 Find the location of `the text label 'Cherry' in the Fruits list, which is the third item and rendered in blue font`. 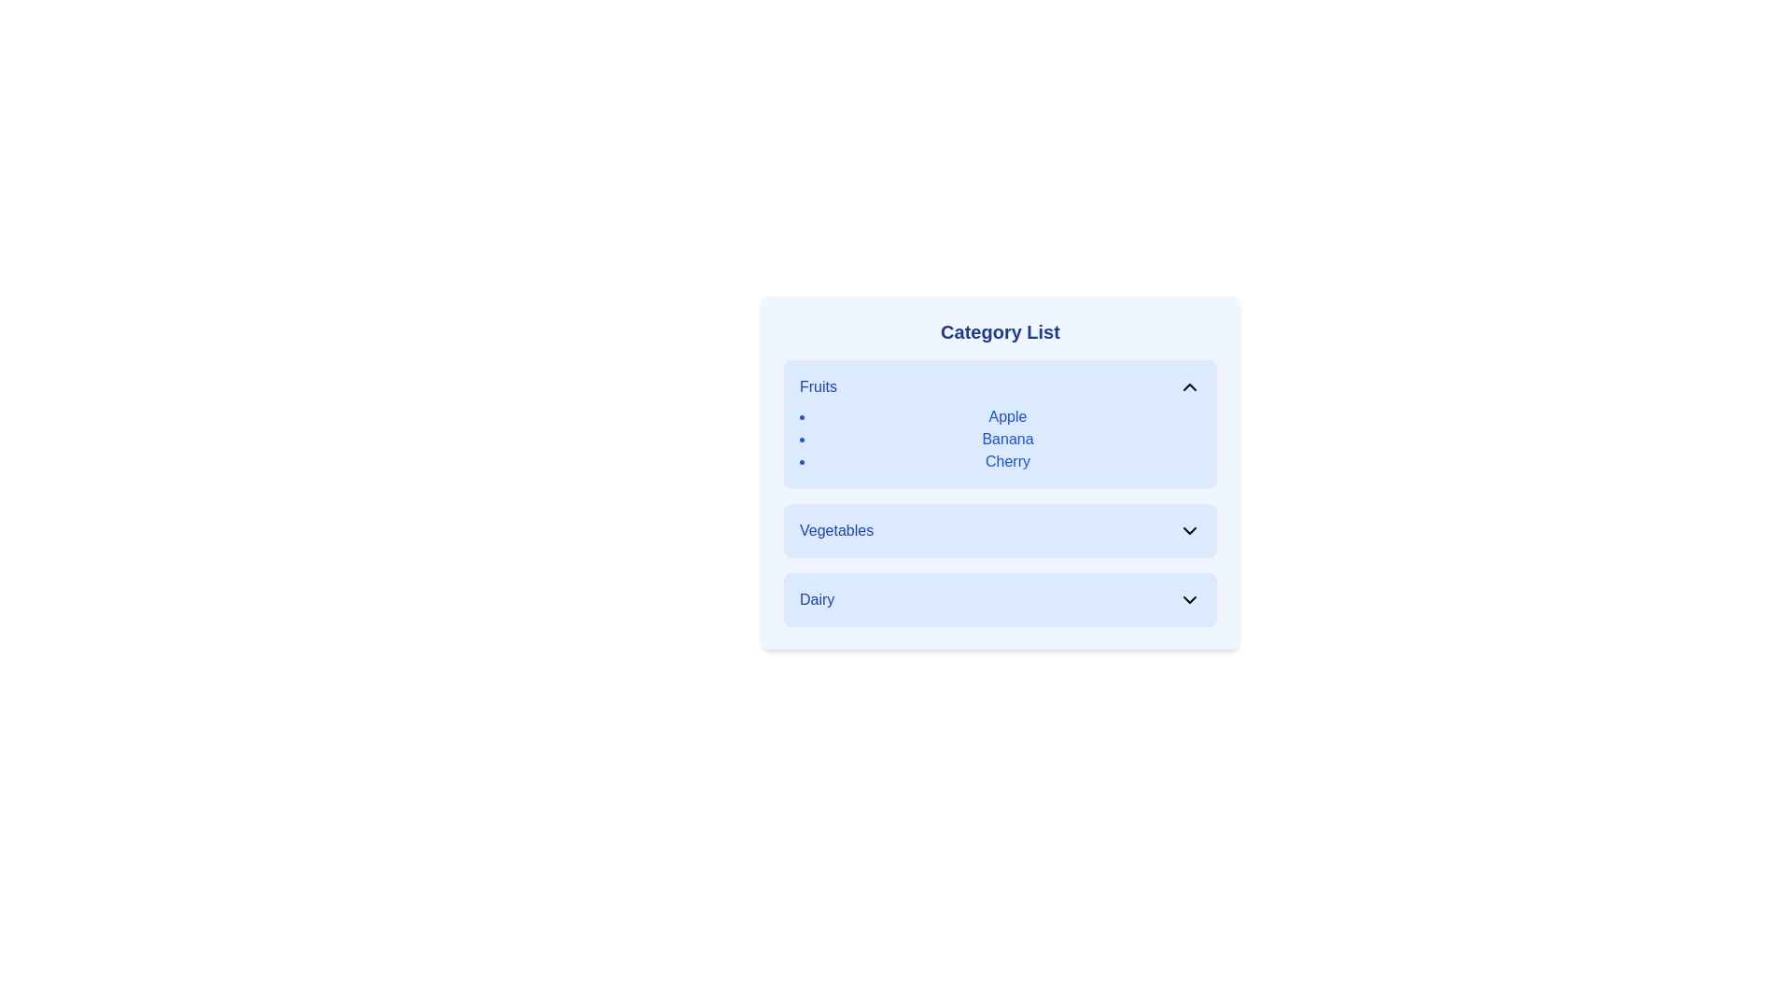

the text label 'Cherry' in the Fruits list, which is the third item and rendered in blue font is located at coordinates (1007, 461).